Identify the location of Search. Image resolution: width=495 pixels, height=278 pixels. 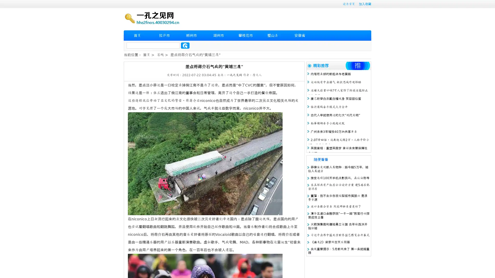
(185, 45).